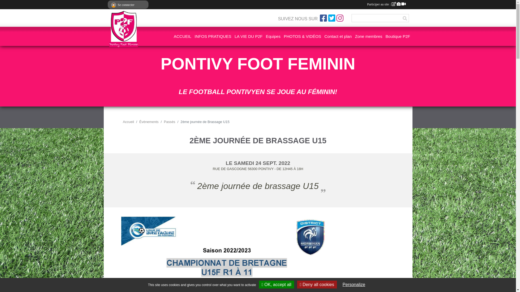 The width and height of the screenshot is (520, 292). What do you see at coordinates (386, 4) in the screenshot?
I see `'Participer au site :'` at bounding box center [386, 4].